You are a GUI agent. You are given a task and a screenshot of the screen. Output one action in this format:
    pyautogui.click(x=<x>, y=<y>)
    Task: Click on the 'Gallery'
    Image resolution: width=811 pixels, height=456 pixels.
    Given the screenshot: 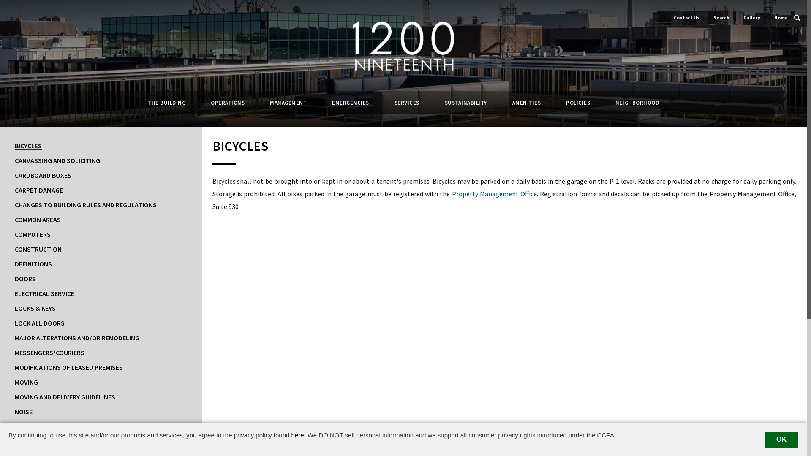 What is the action you would take?
    pyautogui.click(x=752, y=18)
    